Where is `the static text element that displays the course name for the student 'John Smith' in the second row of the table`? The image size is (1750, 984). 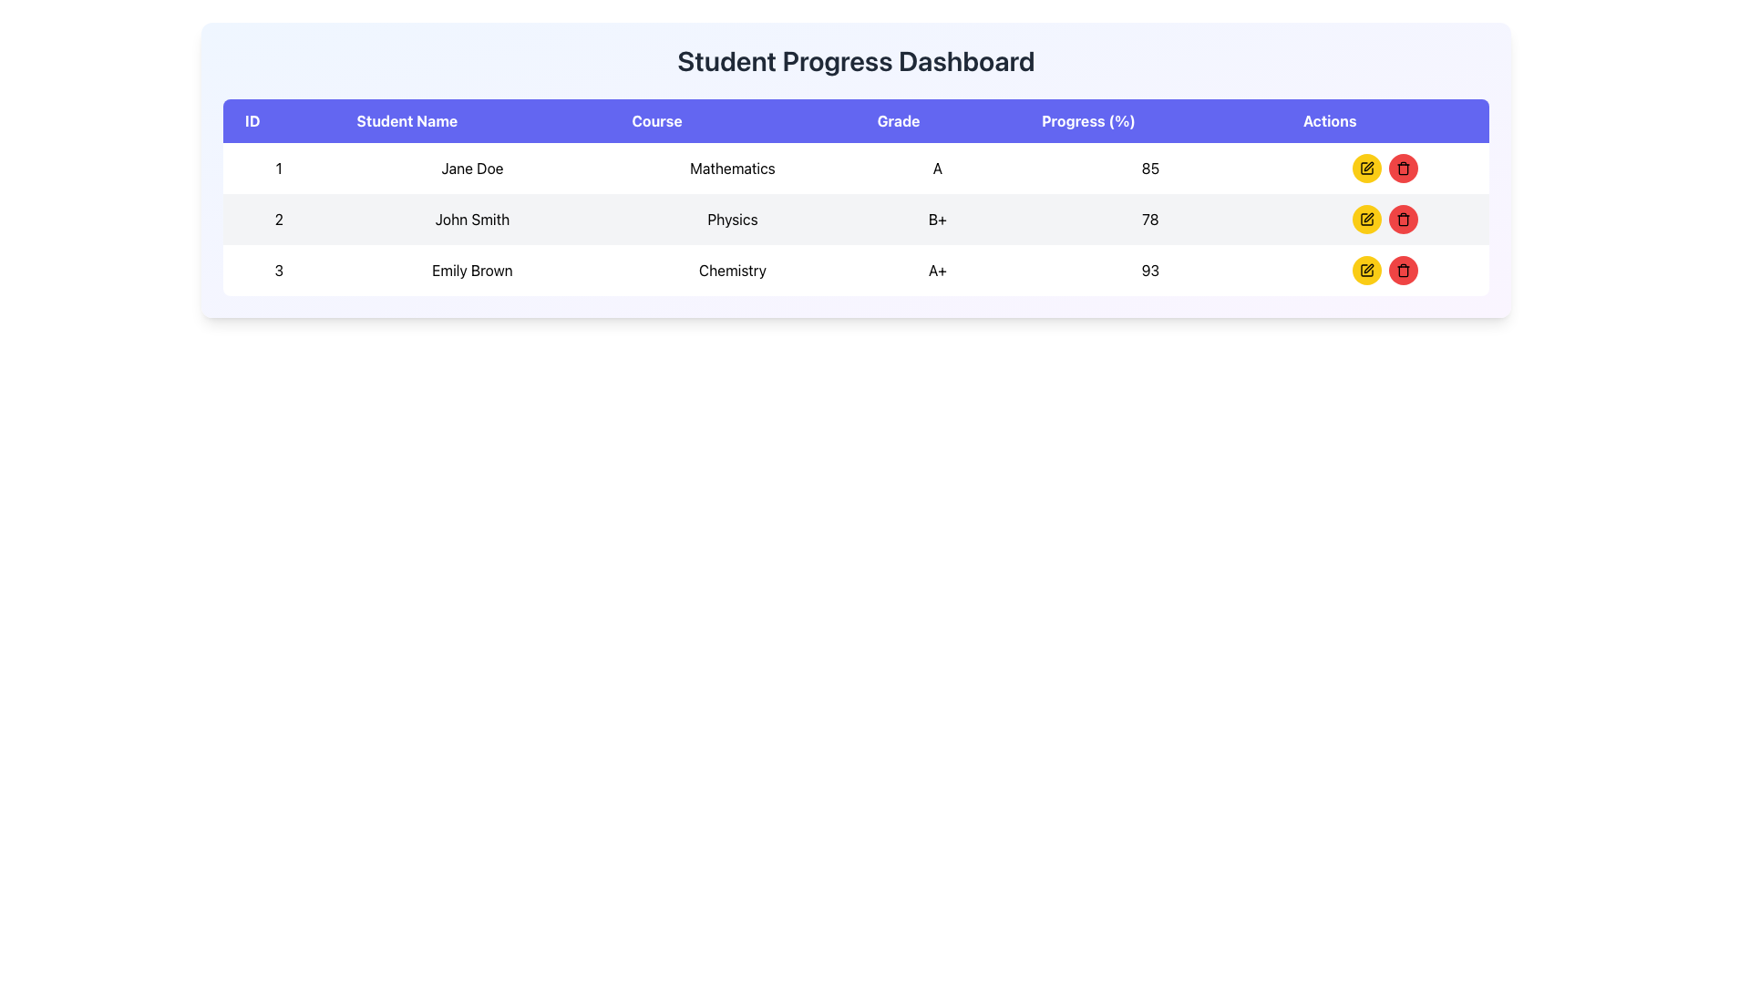
the static text element that displays the course name for the student 'John Smith' in the second row of the table is located at coordinates (733, 218).